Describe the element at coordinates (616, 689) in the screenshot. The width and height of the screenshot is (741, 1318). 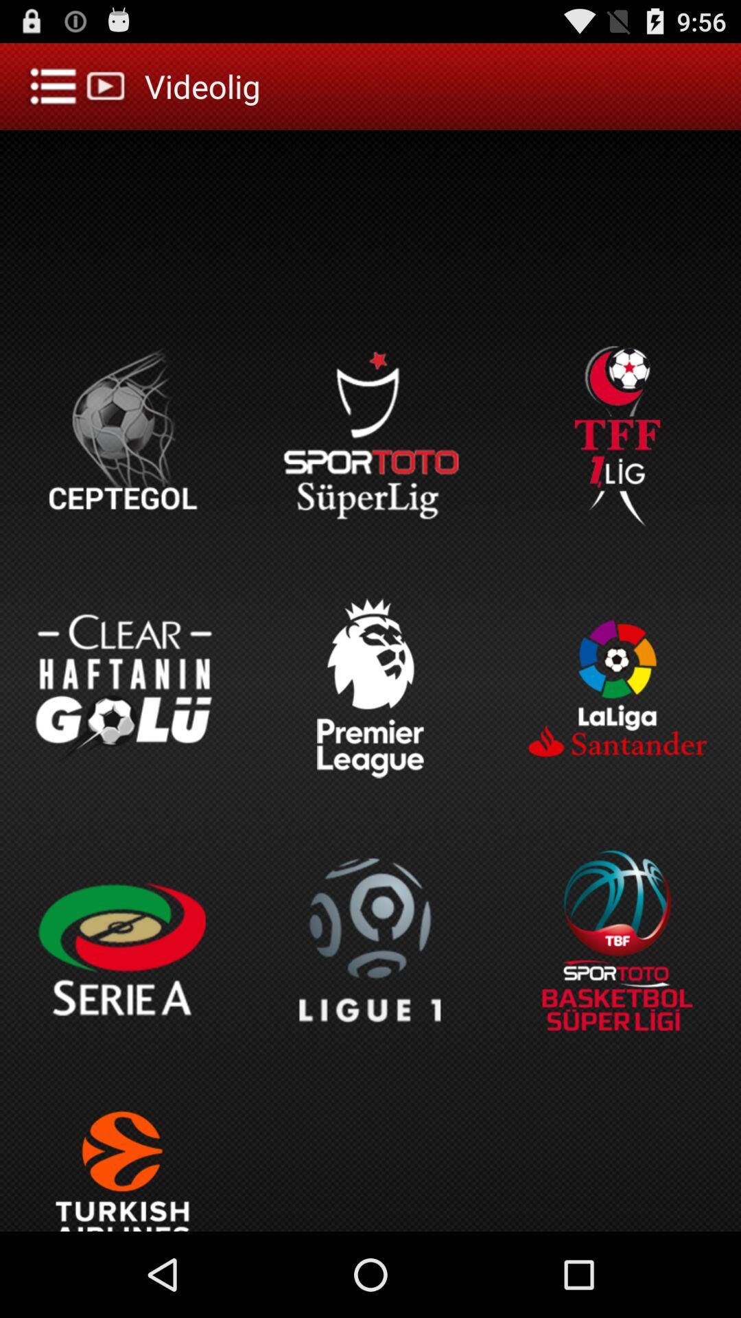
I see `the logo beside the right  premier league` at that location.